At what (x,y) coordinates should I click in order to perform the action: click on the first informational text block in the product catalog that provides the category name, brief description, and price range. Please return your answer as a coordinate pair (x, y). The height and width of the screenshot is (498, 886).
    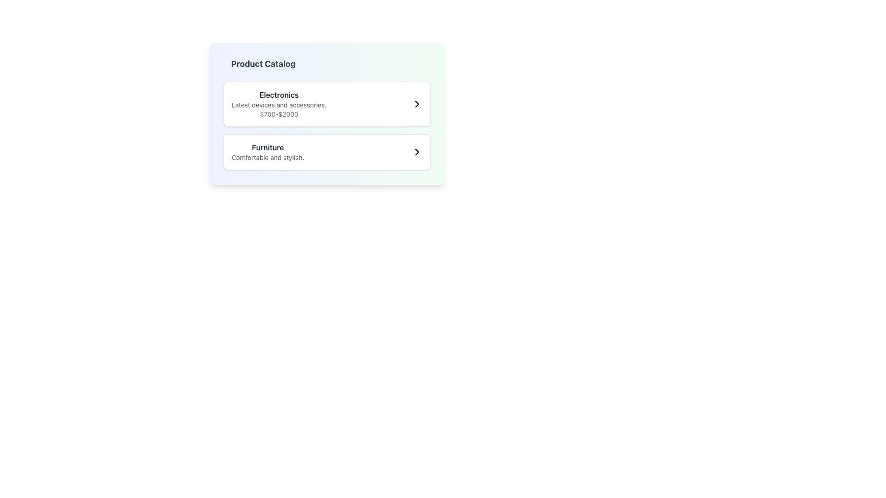
    Looking at the image, I should click on (278, 104).